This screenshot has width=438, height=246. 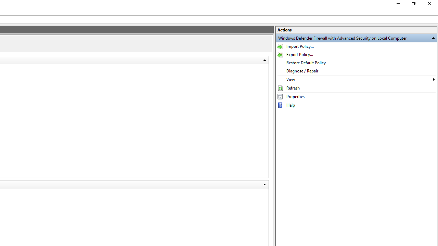 I want to click on 'Diagnose / Repair', so click(x=356, y=71).